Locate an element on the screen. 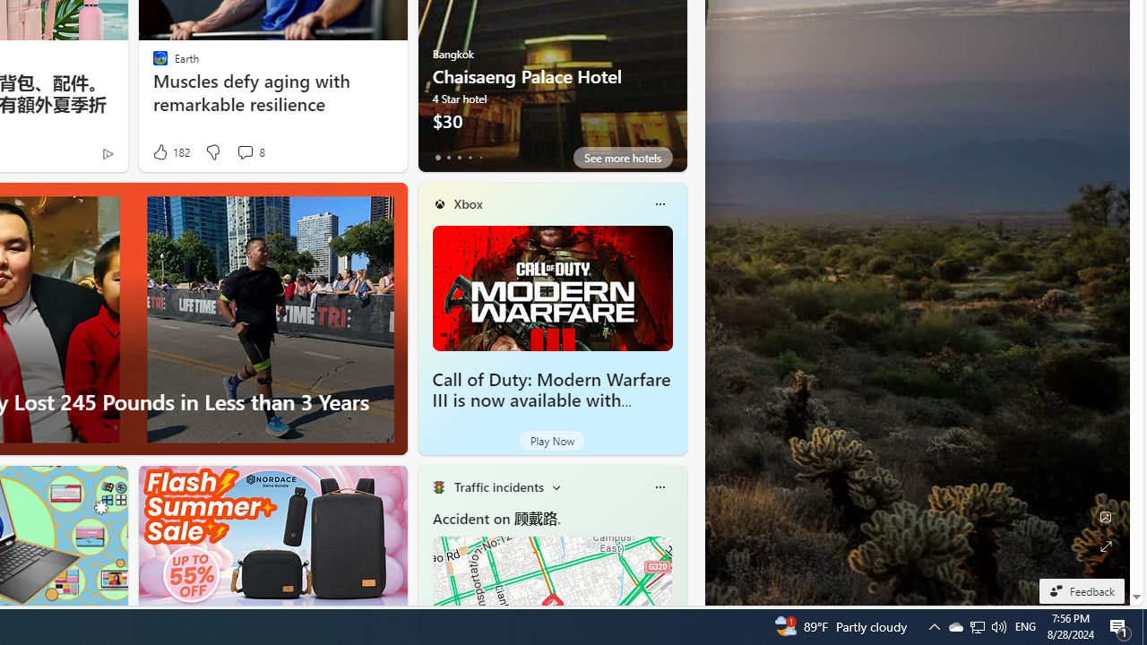 This screenshot has width=1147, height=645. 'Xbox' is located at coordinates (468, 202).